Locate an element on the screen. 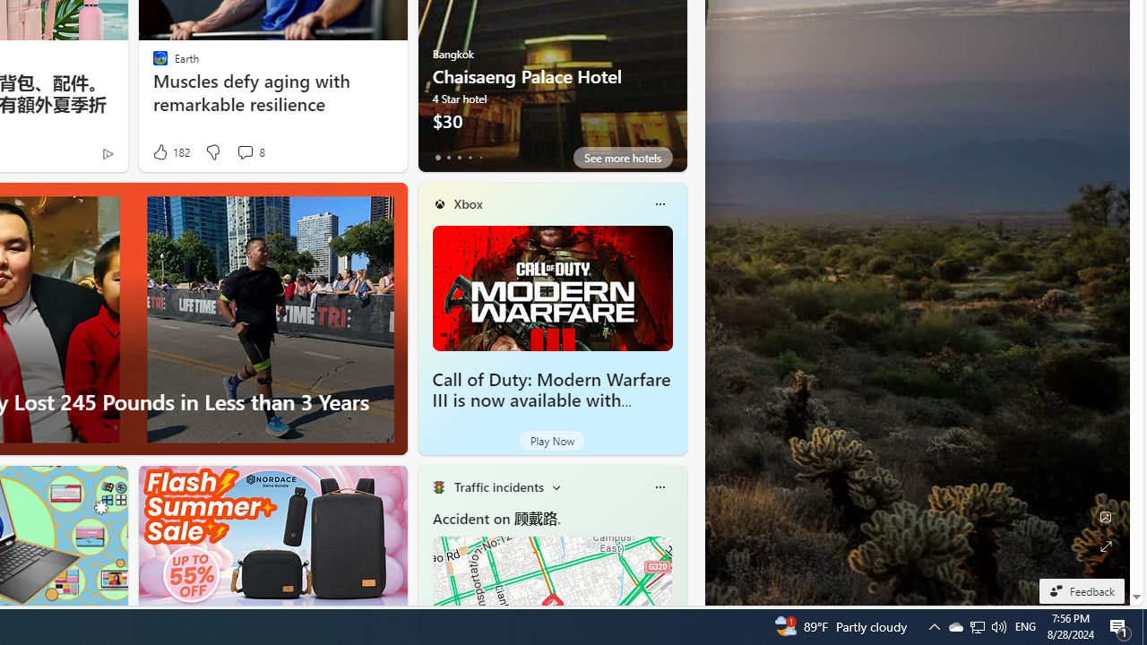 This screenshot has width=1147, height=645. 'Xbox' is located at coordinates (468, 202).